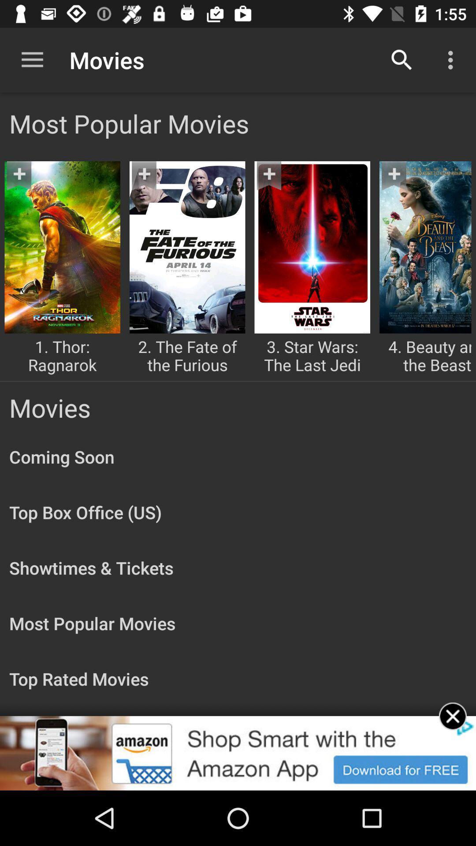 Image resolution: width=476 pixels, height=846 pixels. Describe the element at coordinates (152, 184) in the screenshot. I see `the bookmark icon` at that location.